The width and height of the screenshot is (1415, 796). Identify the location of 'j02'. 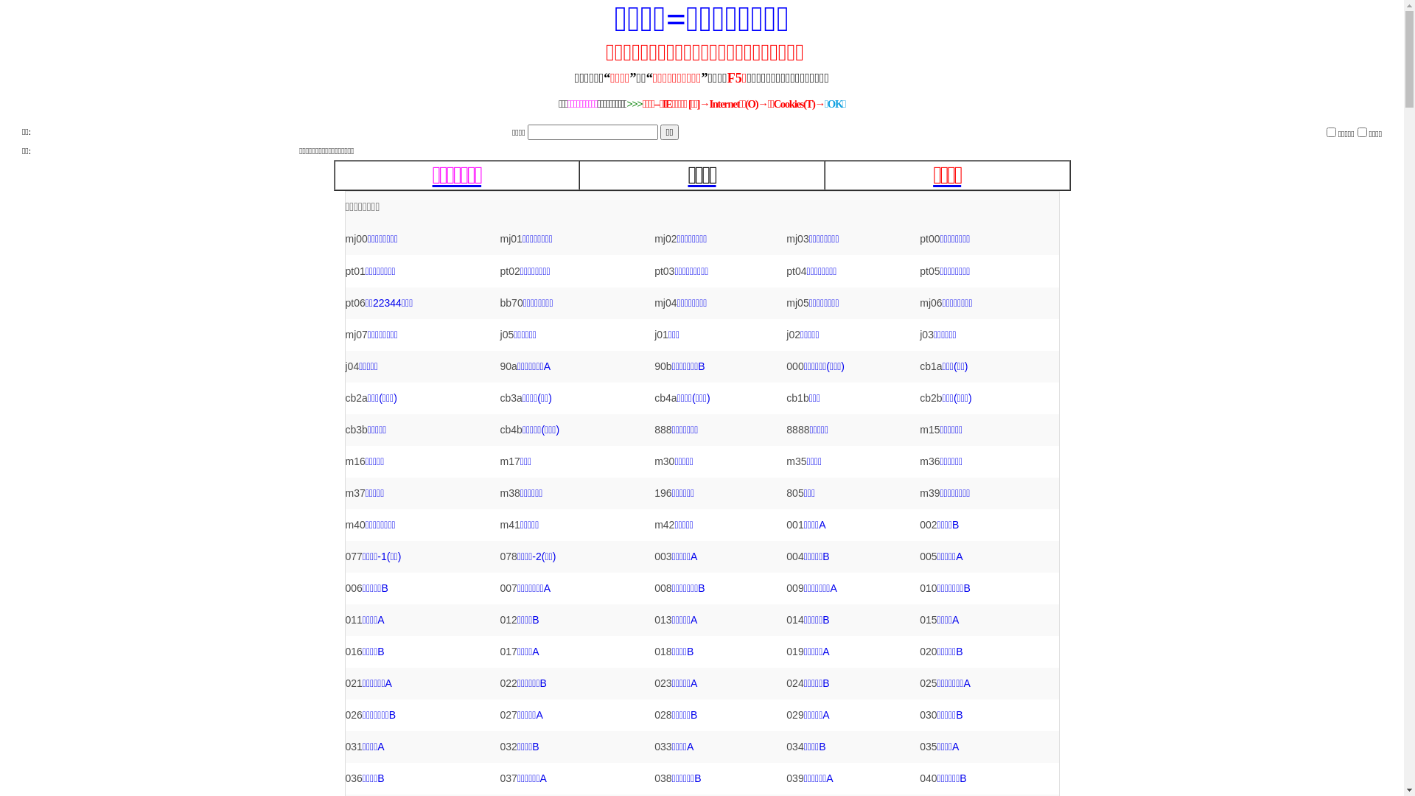
(792, 335).